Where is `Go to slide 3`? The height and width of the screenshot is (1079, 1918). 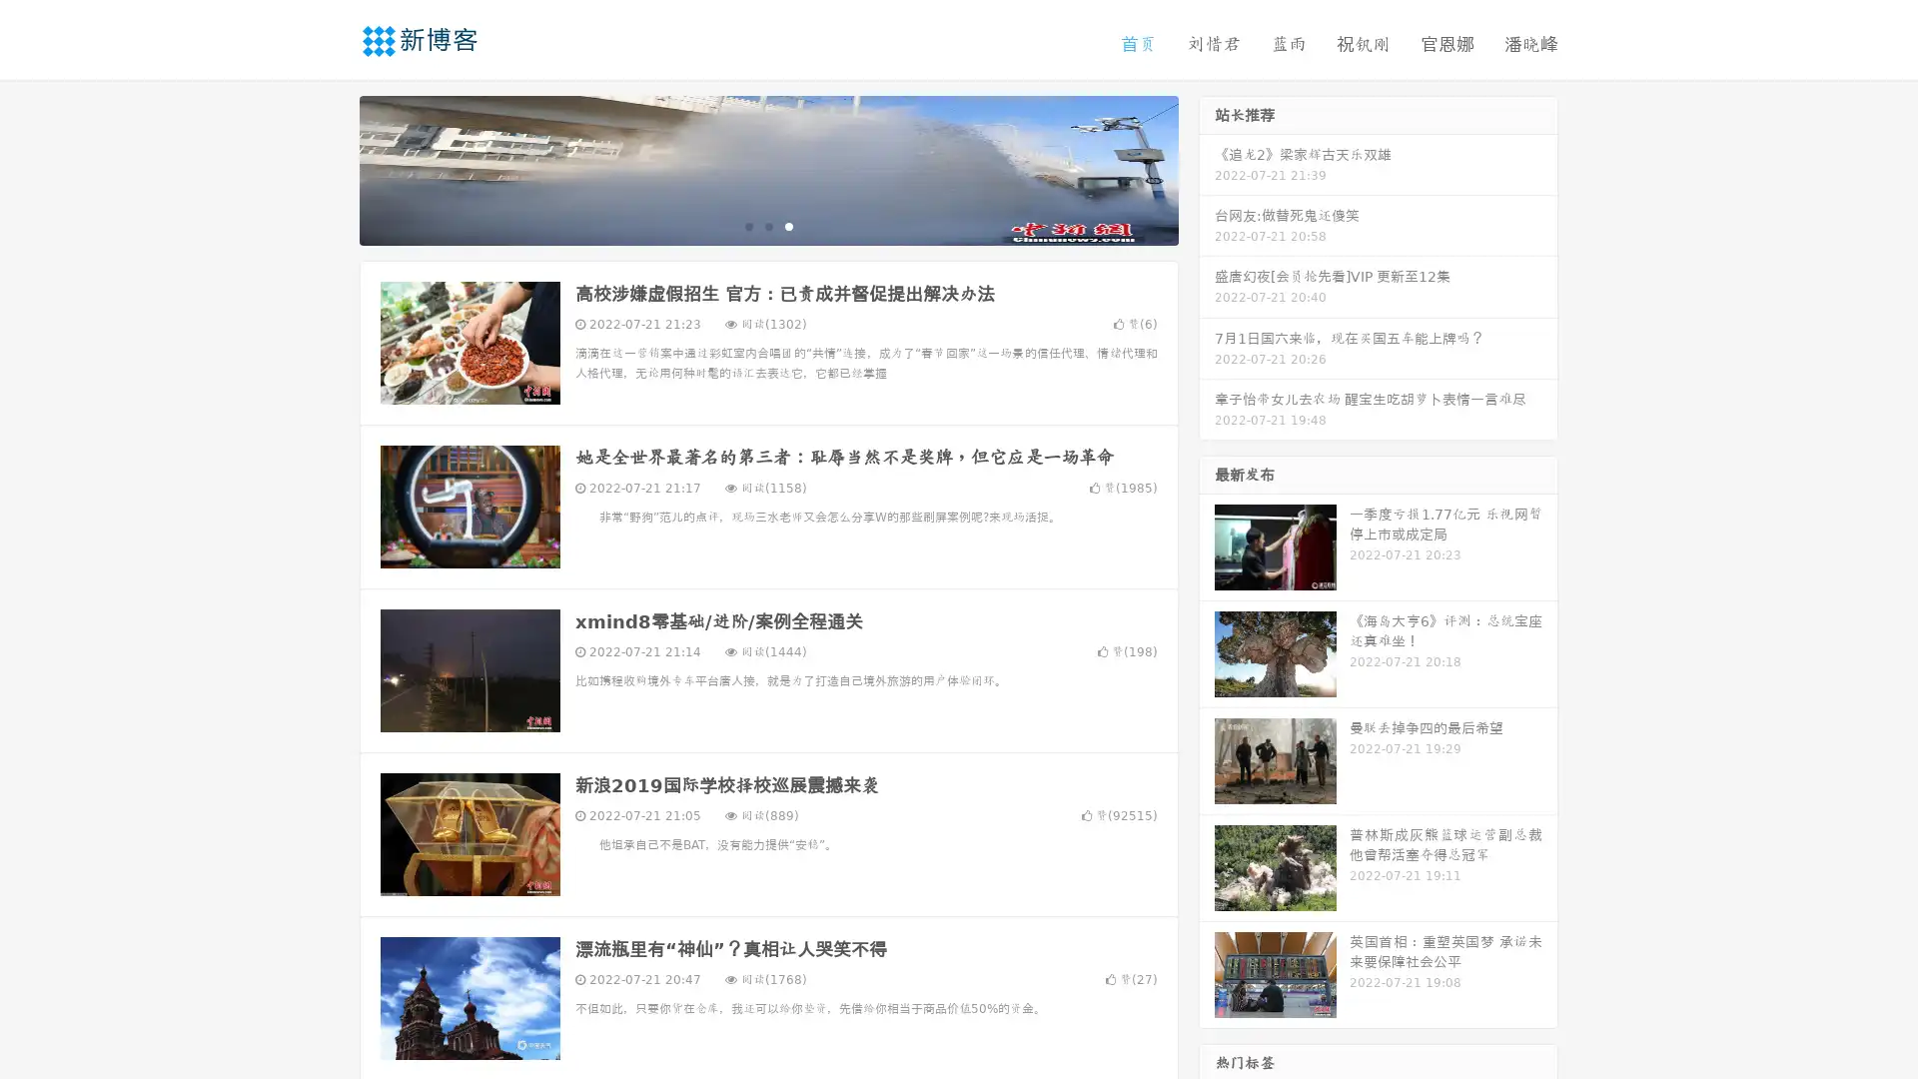 Go to slide 3 is located at coordinates (788, 225).